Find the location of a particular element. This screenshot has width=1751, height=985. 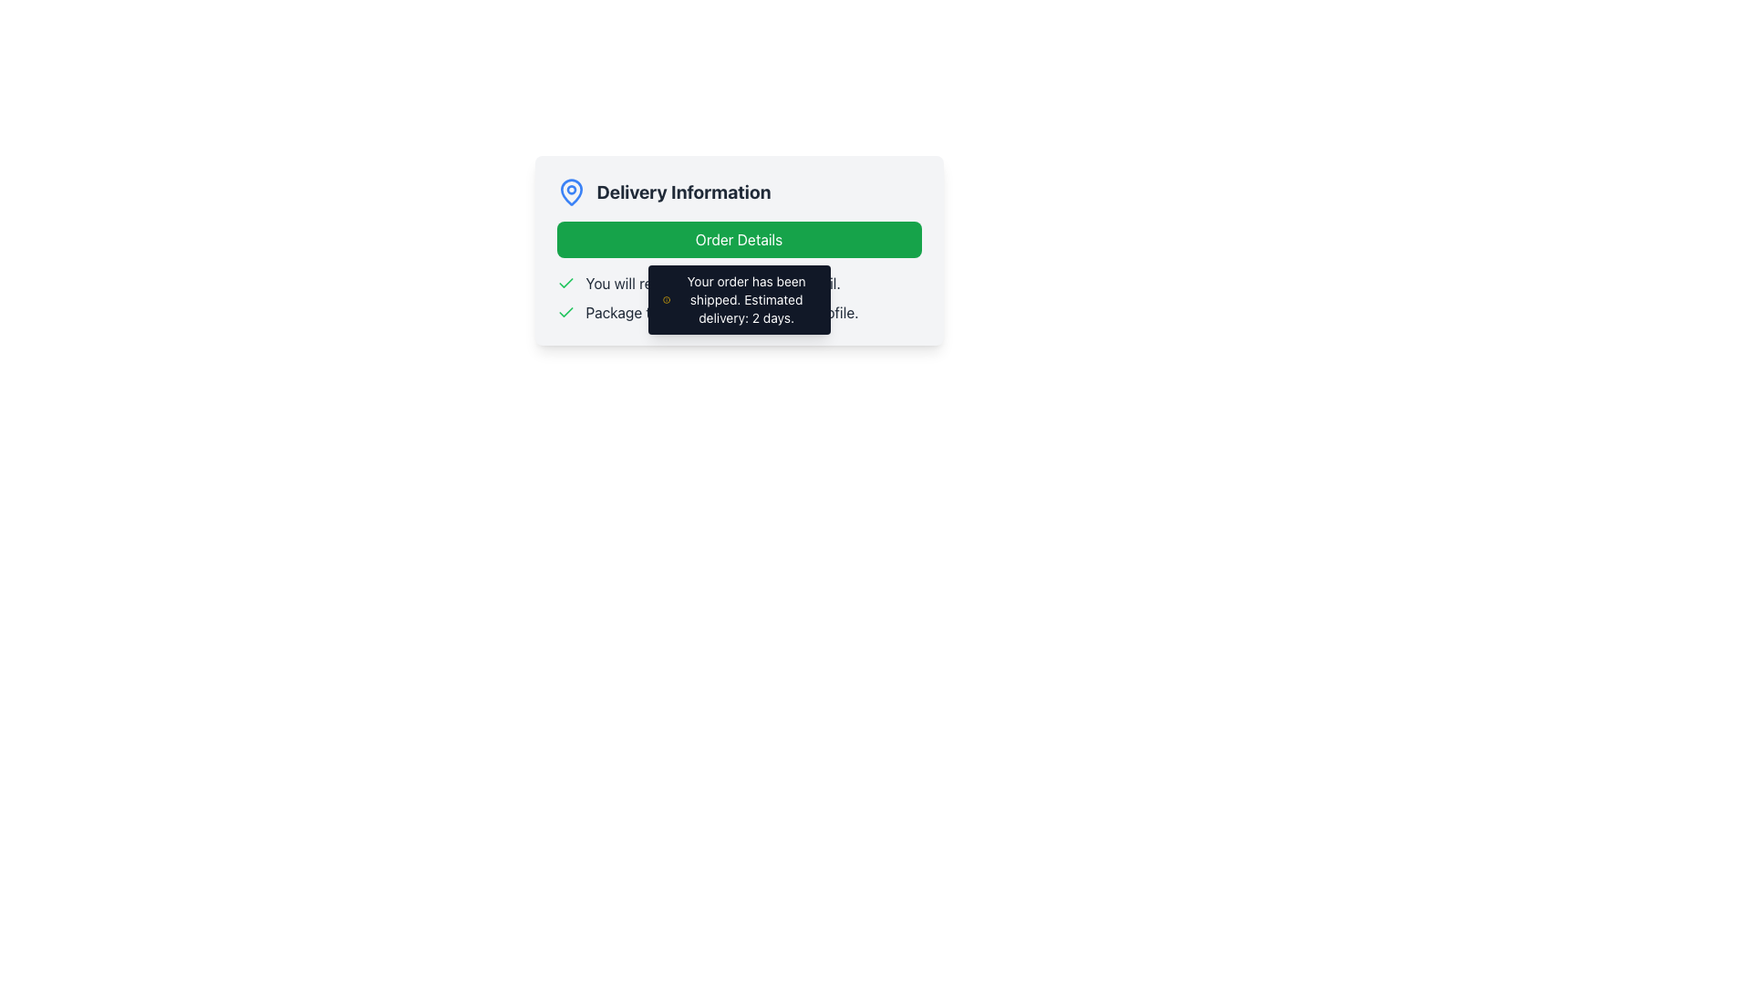

the blue map pin icon located to the left of the 'Delivery Information' heading text is located at coordinates (570, 192).